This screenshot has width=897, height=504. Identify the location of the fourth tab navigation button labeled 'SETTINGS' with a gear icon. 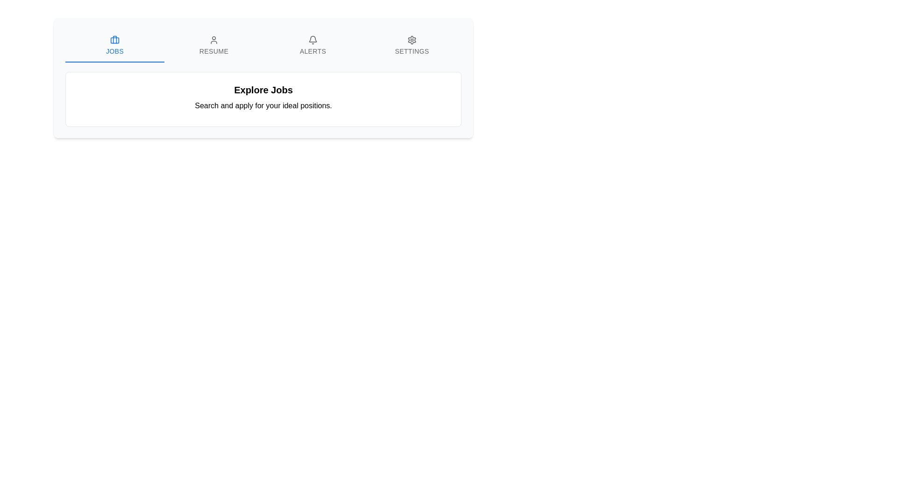
(412, 45).